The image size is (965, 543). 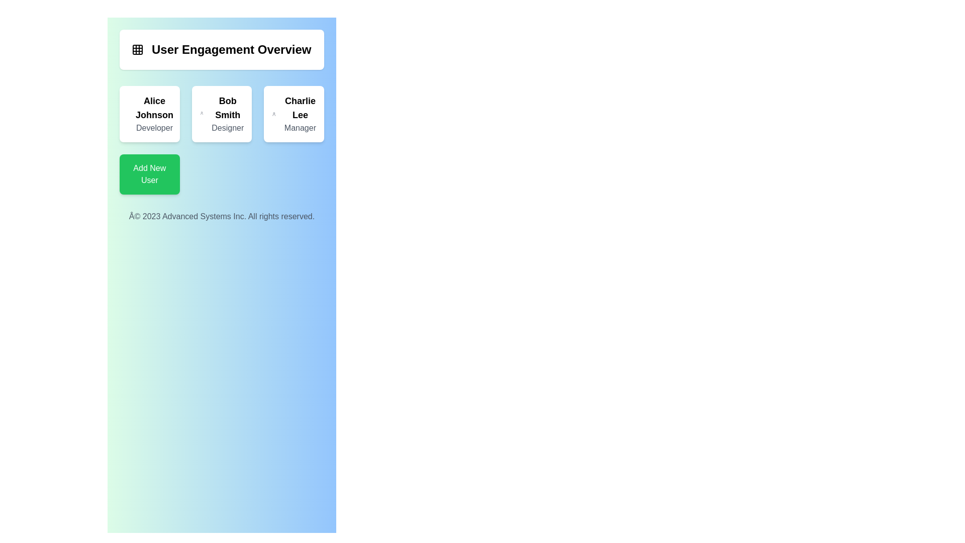 What do you see at coordinates (137, 50) in the screenshot?
I see `the small icon depicting a 3x3 grid layout located to the left of the header text 'User Engagement Overview'` at bounding box center [137, 50].